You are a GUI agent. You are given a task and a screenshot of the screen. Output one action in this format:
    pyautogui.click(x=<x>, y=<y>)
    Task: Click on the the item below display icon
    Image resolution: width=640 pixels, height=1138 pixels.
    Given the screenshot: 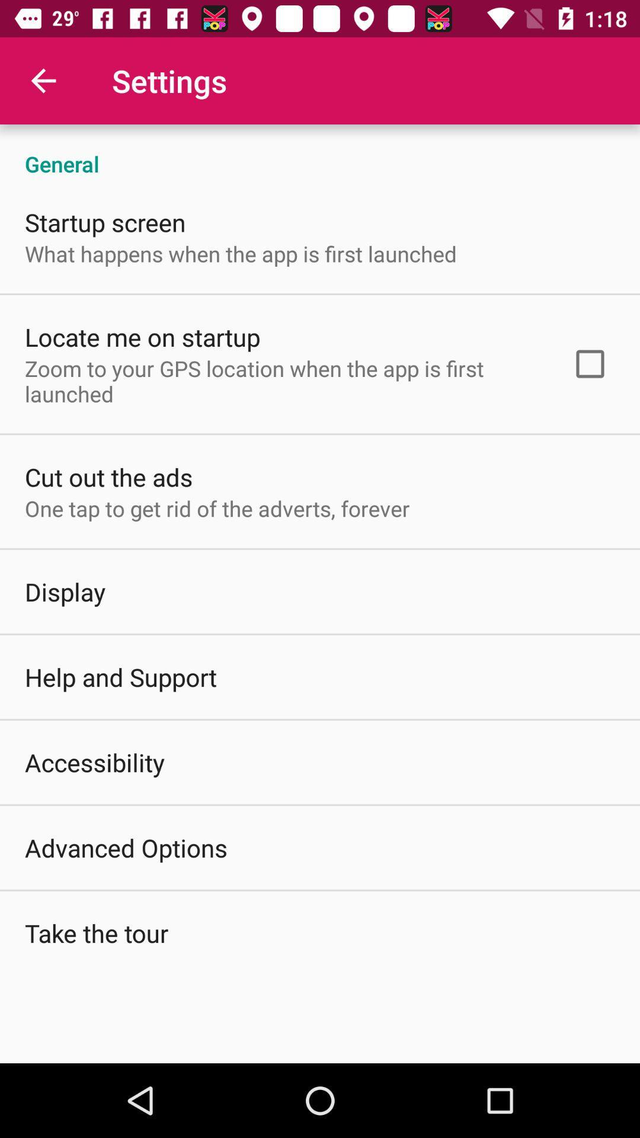 What is the action you would take?
    pyautogui.click(x=121, y=677)
    